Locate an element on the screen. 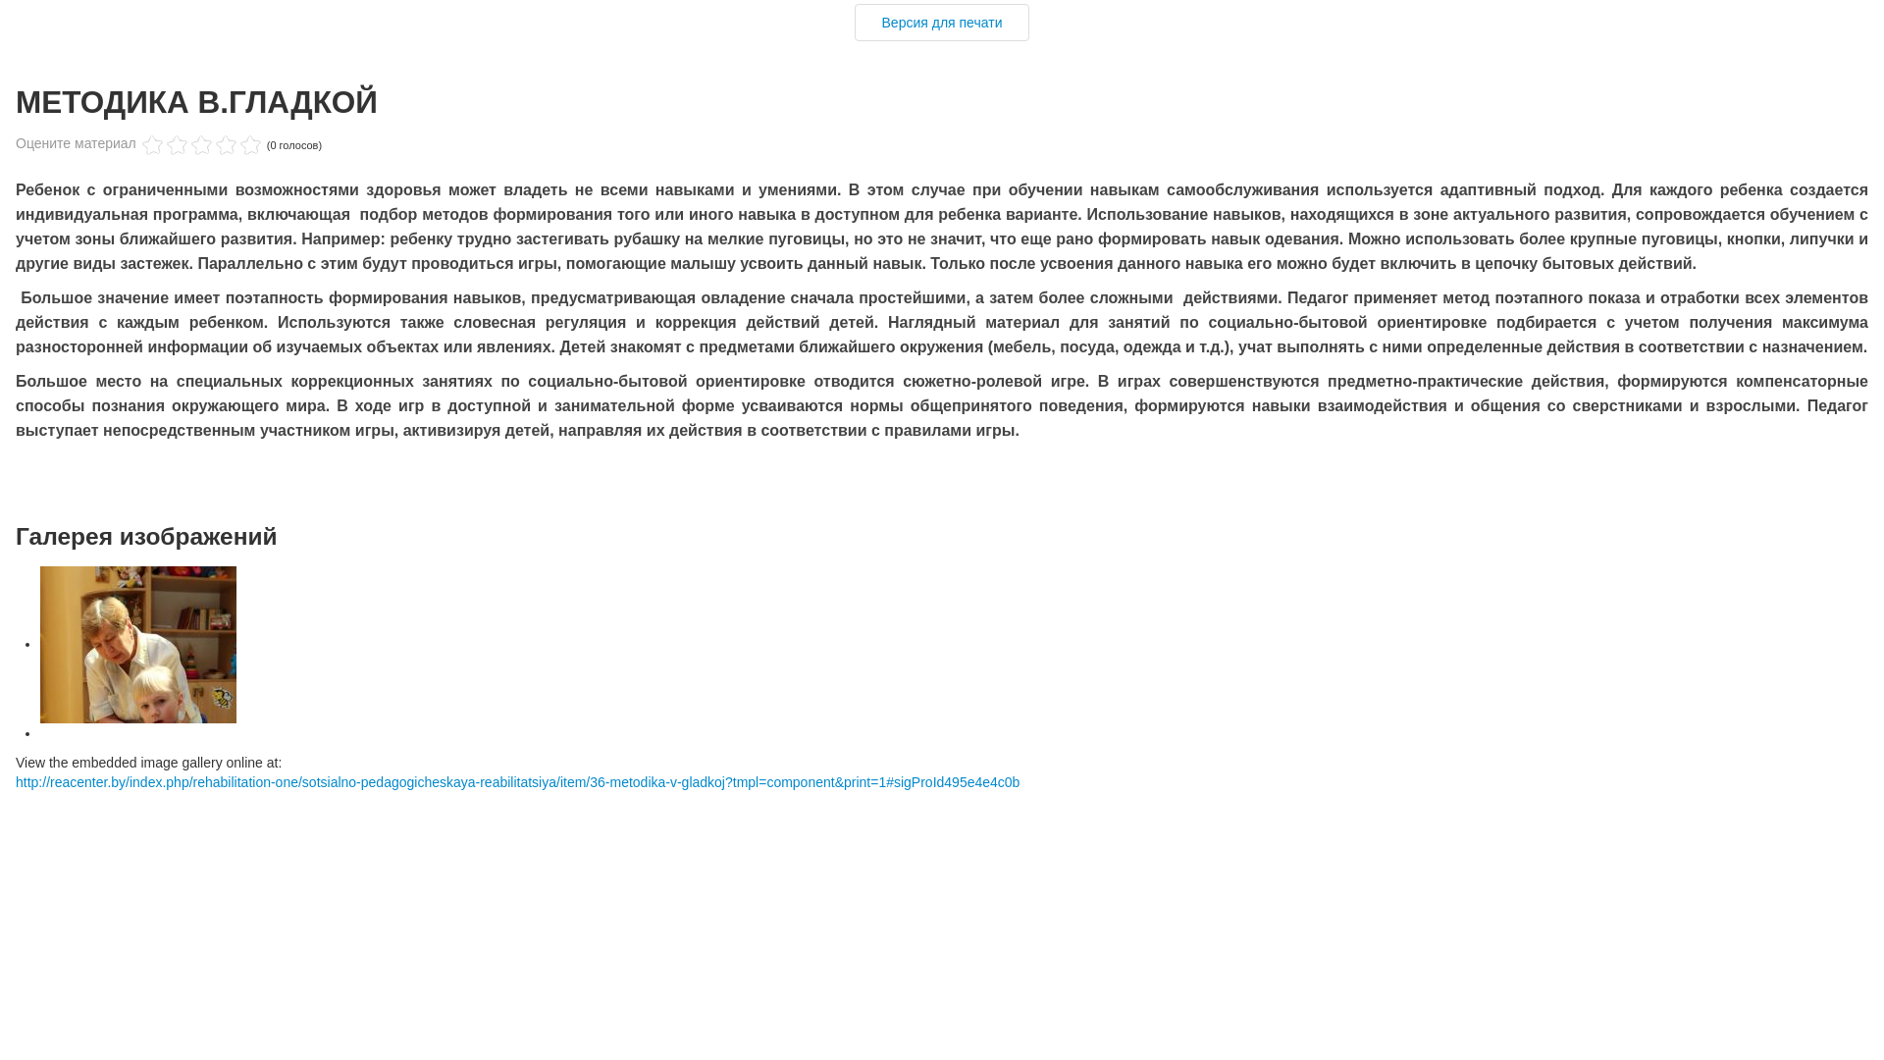 The height and width of the screenshot is (1060, 1884). '5' is located at coordinates (201, 144).